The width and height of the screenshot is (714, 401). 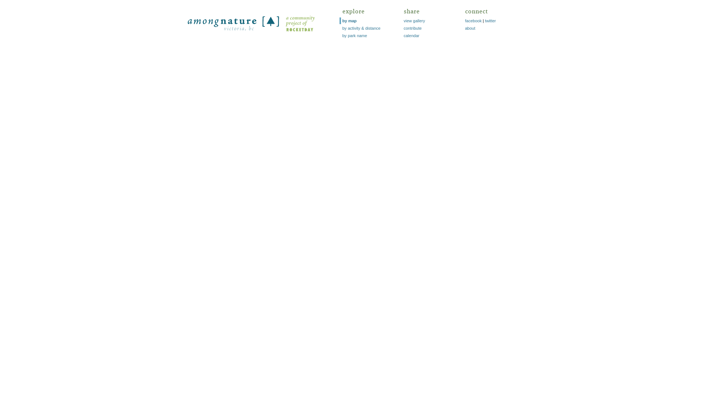 What do you see at coordinates (411, 36) in the screenshot?
I see `'calendar'` at bounding box center [411, 36].